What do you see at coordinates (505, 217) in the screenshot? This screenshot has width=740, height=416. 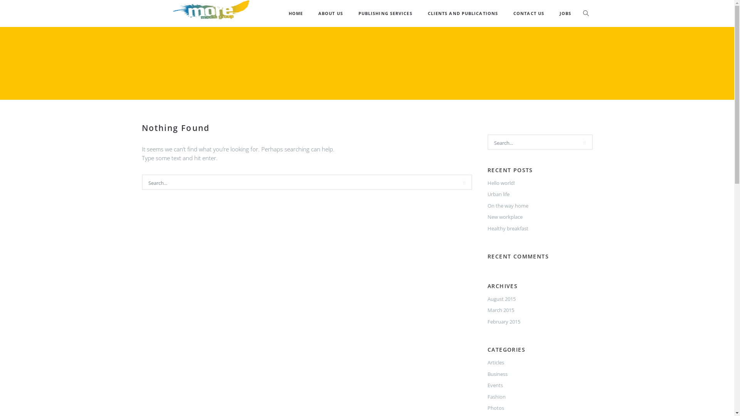 I see `'New workplace'` at bounding box center [505, 217].